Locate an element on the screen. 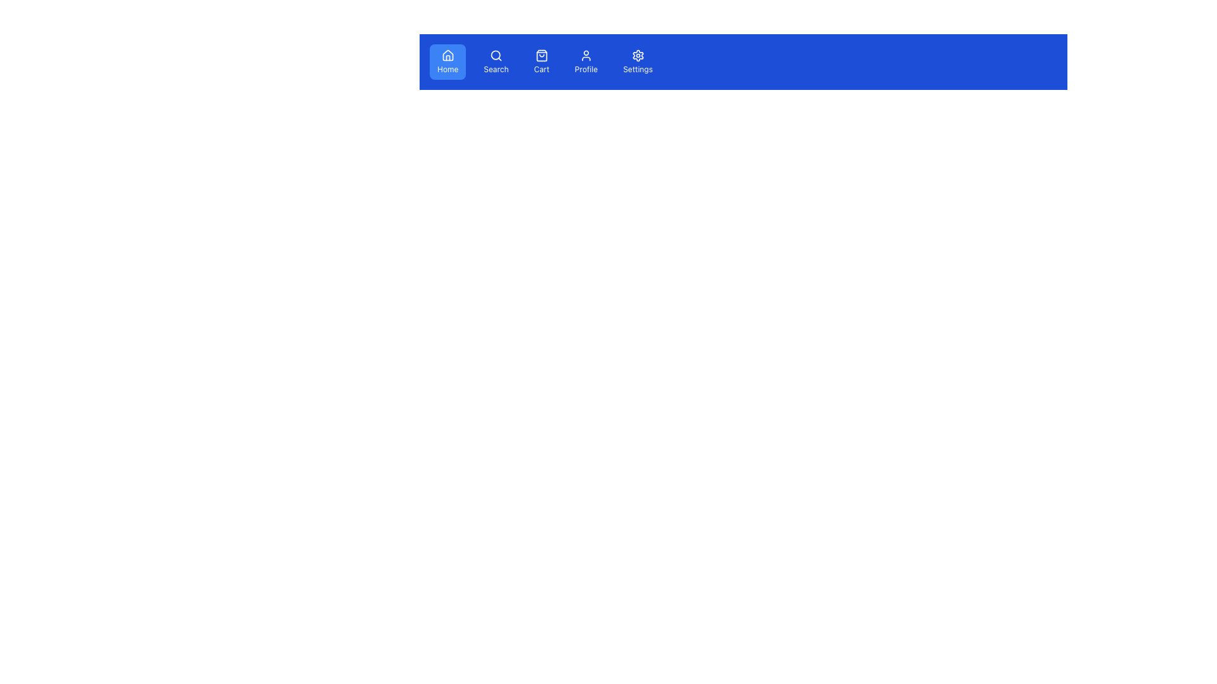  the 'Profile' text label in the navigation bar, which assists users in identifying the purpose of the corresponding icon is located at coordinates (586, 70).